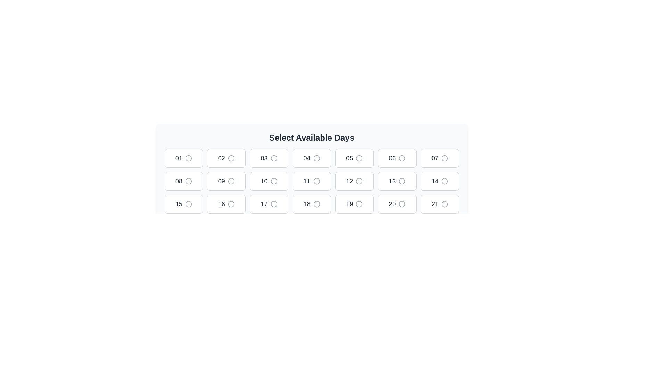 The height and width of the screenshot is (375, 667). What do you see at coordinates (179, 158) in the screenshot?
I see `the text label indicating the number '01', which is the first option in a list of selectable days, located at the top left of a grid-like layout` at bounding box center [179, 158].